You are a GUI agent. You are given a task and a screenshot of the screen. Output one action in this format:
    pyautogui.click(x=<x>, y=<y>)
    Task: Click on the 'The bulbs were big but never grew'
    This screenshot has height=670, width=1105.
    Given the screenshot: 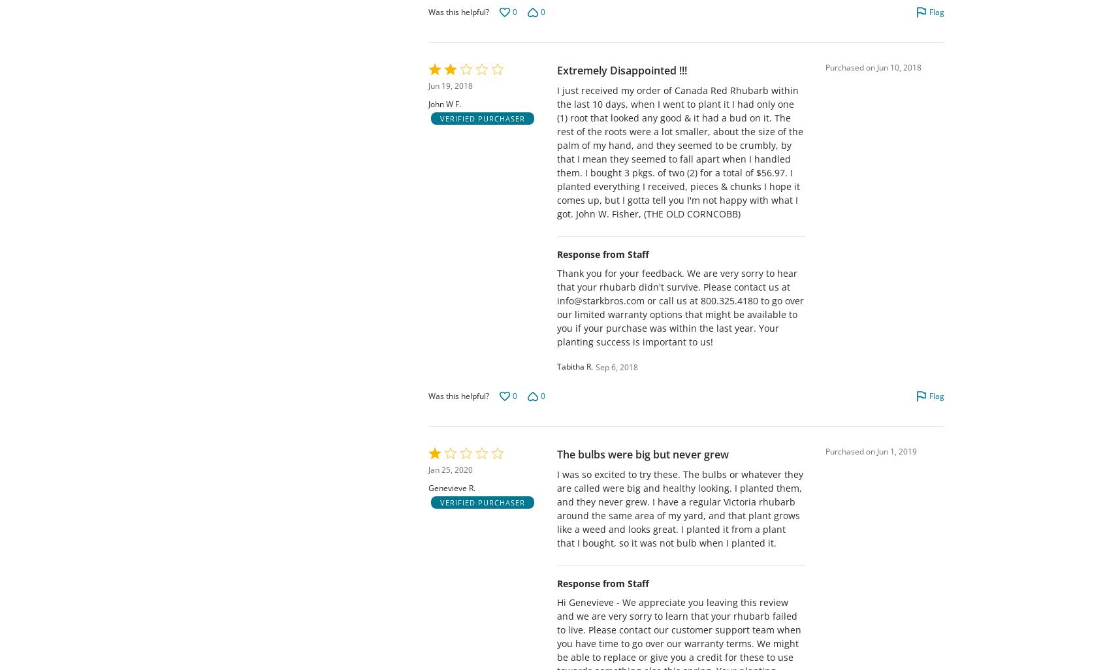 What is the action you would take?
    pyautogui.click(x=643, y=454)
    